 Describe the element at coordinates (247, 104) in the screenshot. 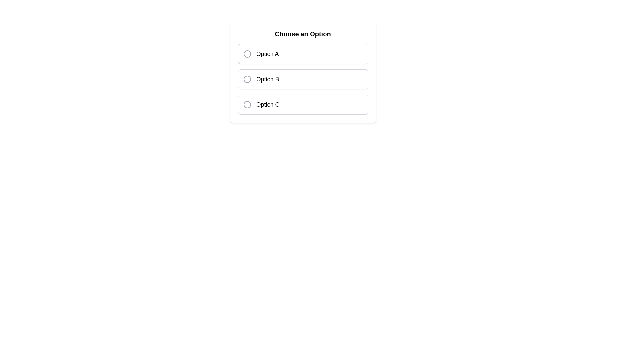

I see `the radio button for 'Option C'` at that location.